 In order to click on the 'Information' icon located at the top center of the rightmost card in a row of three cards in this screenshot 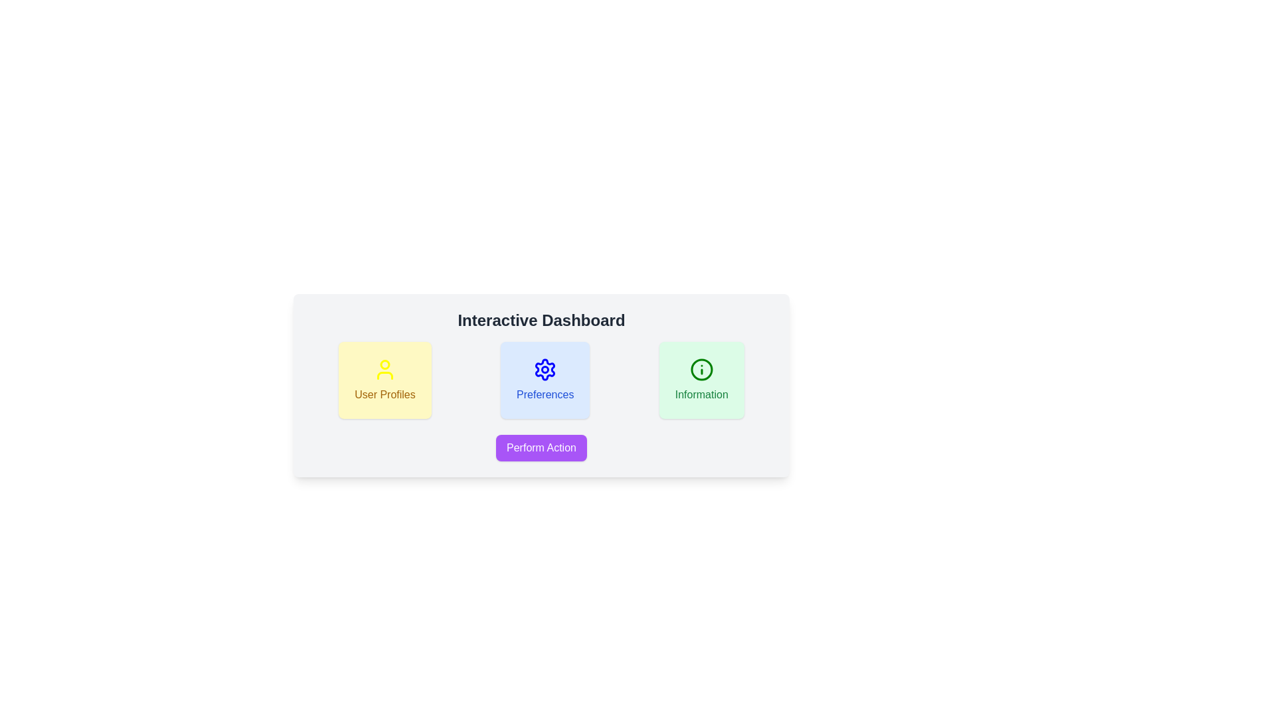, I will do `click(701, 369)`.